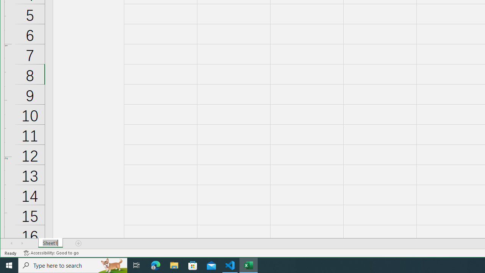 The width and height of the screenshot is (485, 273). What do you see at coordinates (155, 265) in the screenshot?
I see `'Microsoft Edge'` at bounding box center [155, 265].